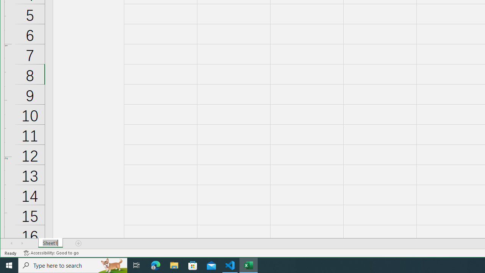 The width and height of the screenshot is (485, 273). What do you see at coordinates (155, 265) in the screenshot?
I see `'Microsoft Edge'` at bounding box center [155, 265].